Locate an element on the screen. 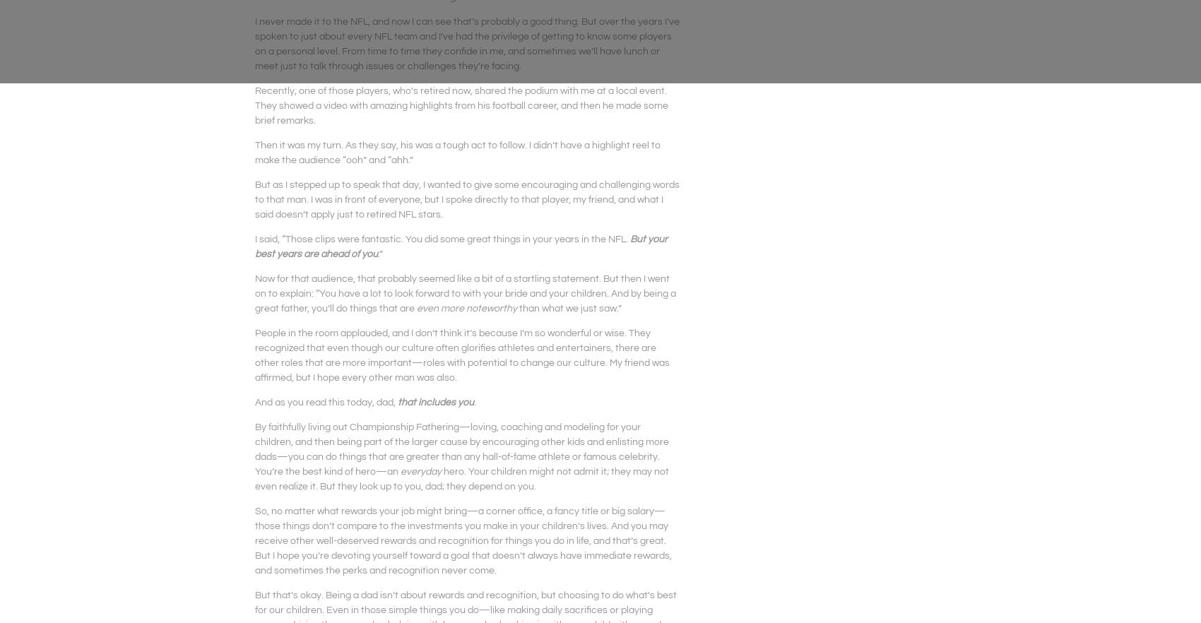 The height and width of the screenshot is (623, 1201). 'hero. Your children might not admit it; they may not even realize it. But they look up to you, dad; they depend on you.' is located at coordinates (461, 477).